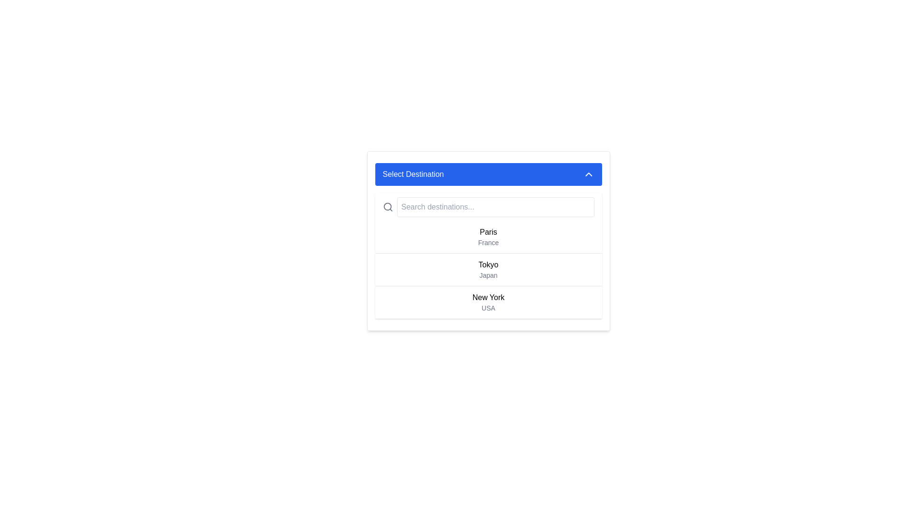 This screenshot has width=911, height=512. Describe the element at coordinates (588, 174) in the screenshot. I see `the upward-pointing chevron icon located at the far right end of the blue 'Select Destination' button` at that location.